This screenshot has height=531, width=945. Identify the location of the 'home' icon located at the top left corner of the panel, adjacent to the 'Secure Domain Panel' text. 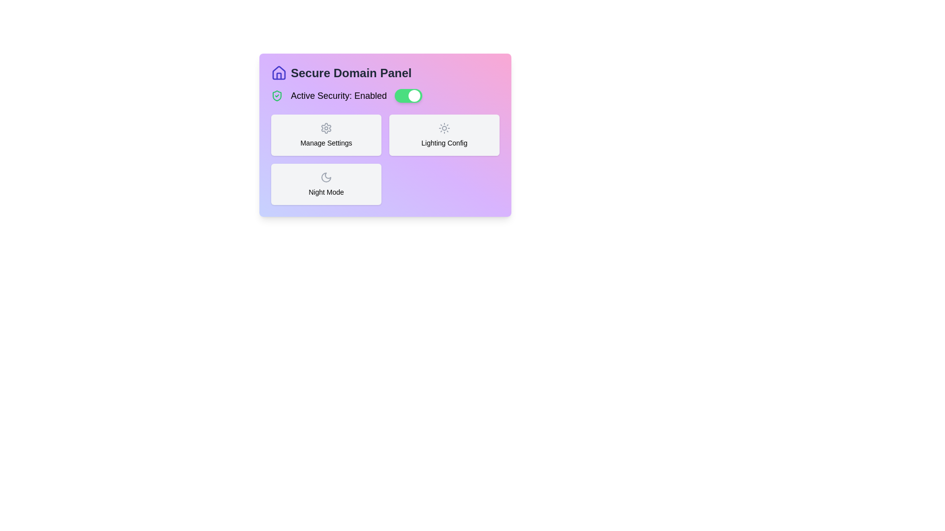
(278, 73).